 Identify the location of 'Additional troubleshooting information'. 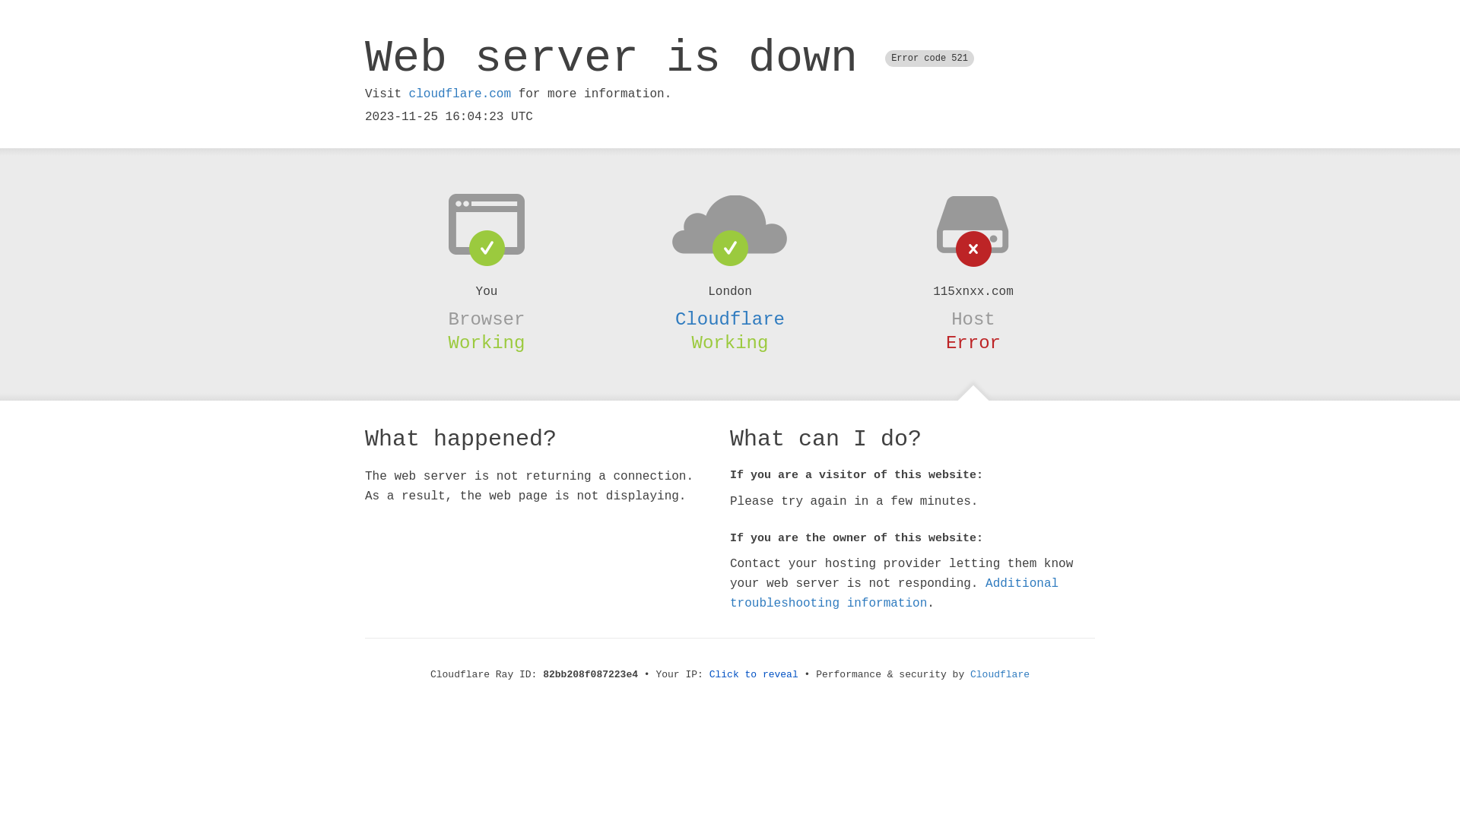
(894, 592).